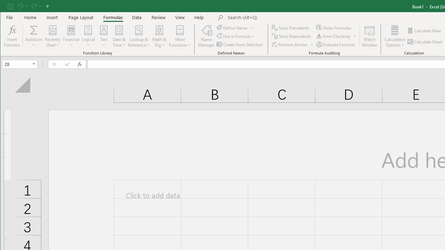  Describe the element at coordinates (336, 44) in the screenshot. I see `'Evaluate Formula'` at that location.